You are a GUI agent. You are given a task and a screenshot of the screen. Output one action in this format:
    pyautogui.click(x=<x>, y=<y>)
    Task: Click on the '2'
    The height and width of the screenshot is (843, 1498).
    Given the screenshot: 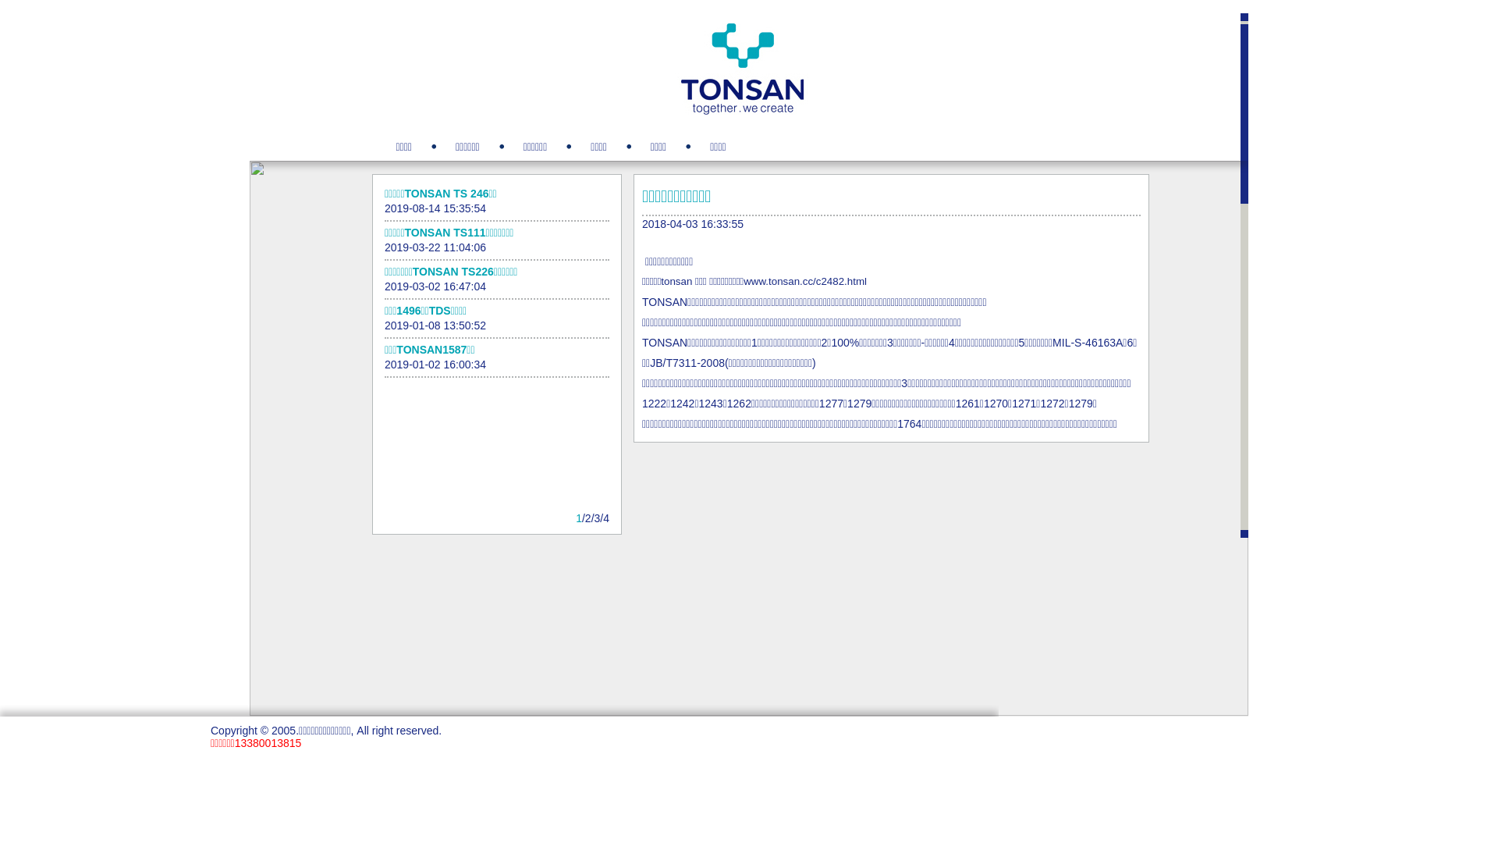 What is the action you would take?
    pyautogui.click(x=587, y=518)
    